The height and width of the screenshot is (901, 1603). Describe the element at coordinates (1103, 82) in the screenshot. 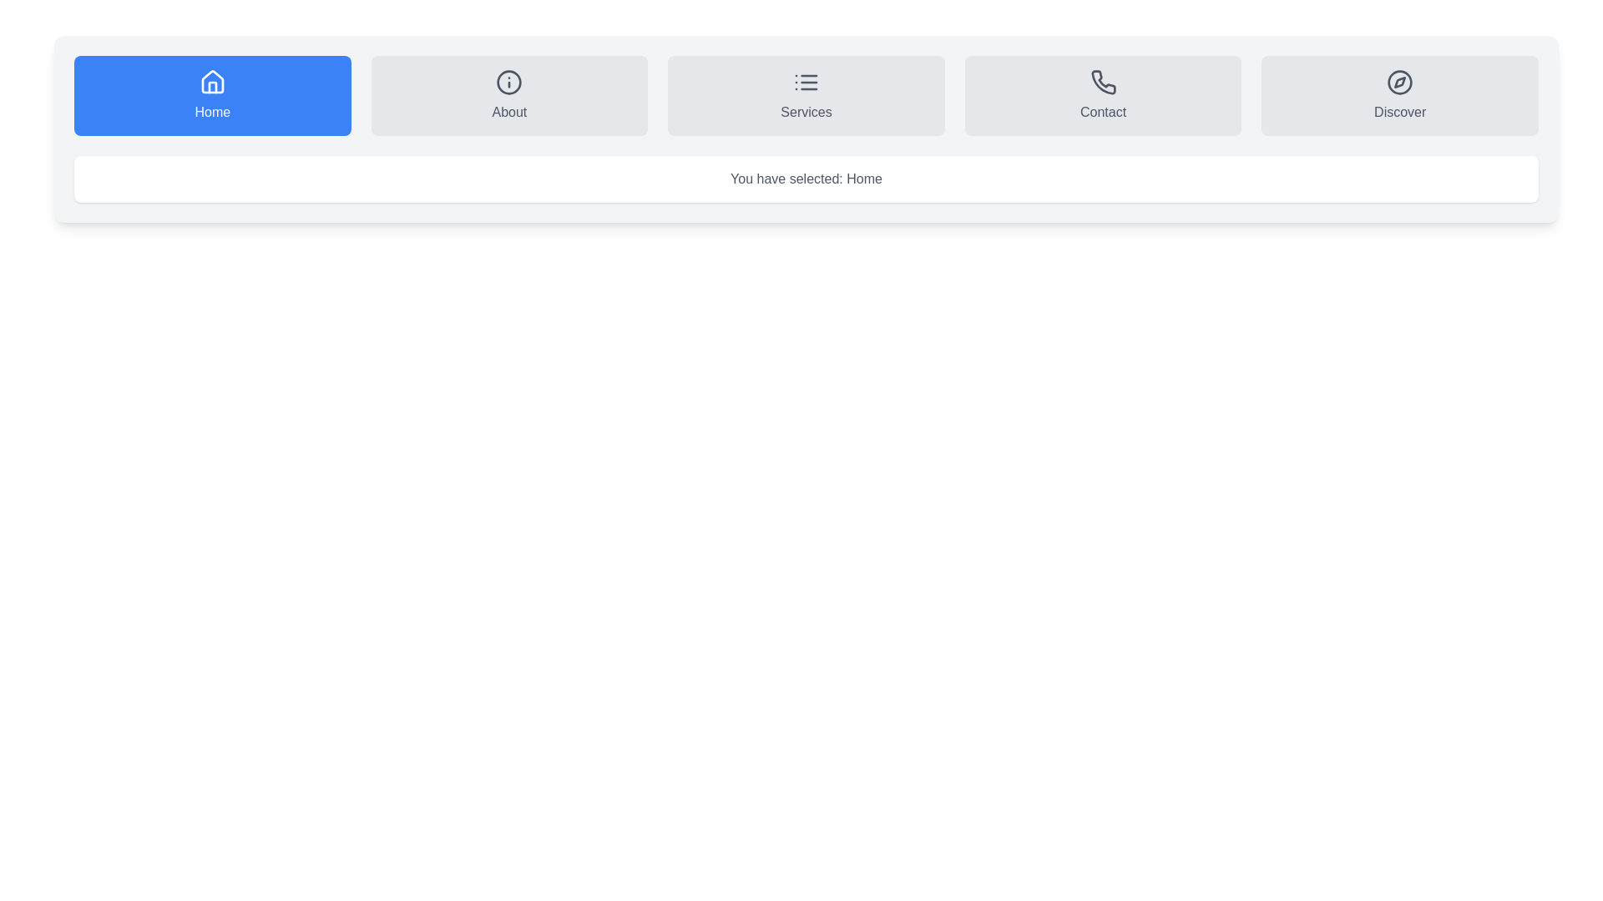

I see `the 'Contact' navigation button icon, which symbolizes contacting assistance and is the fourth button from the left in the navigation bar` at that location.